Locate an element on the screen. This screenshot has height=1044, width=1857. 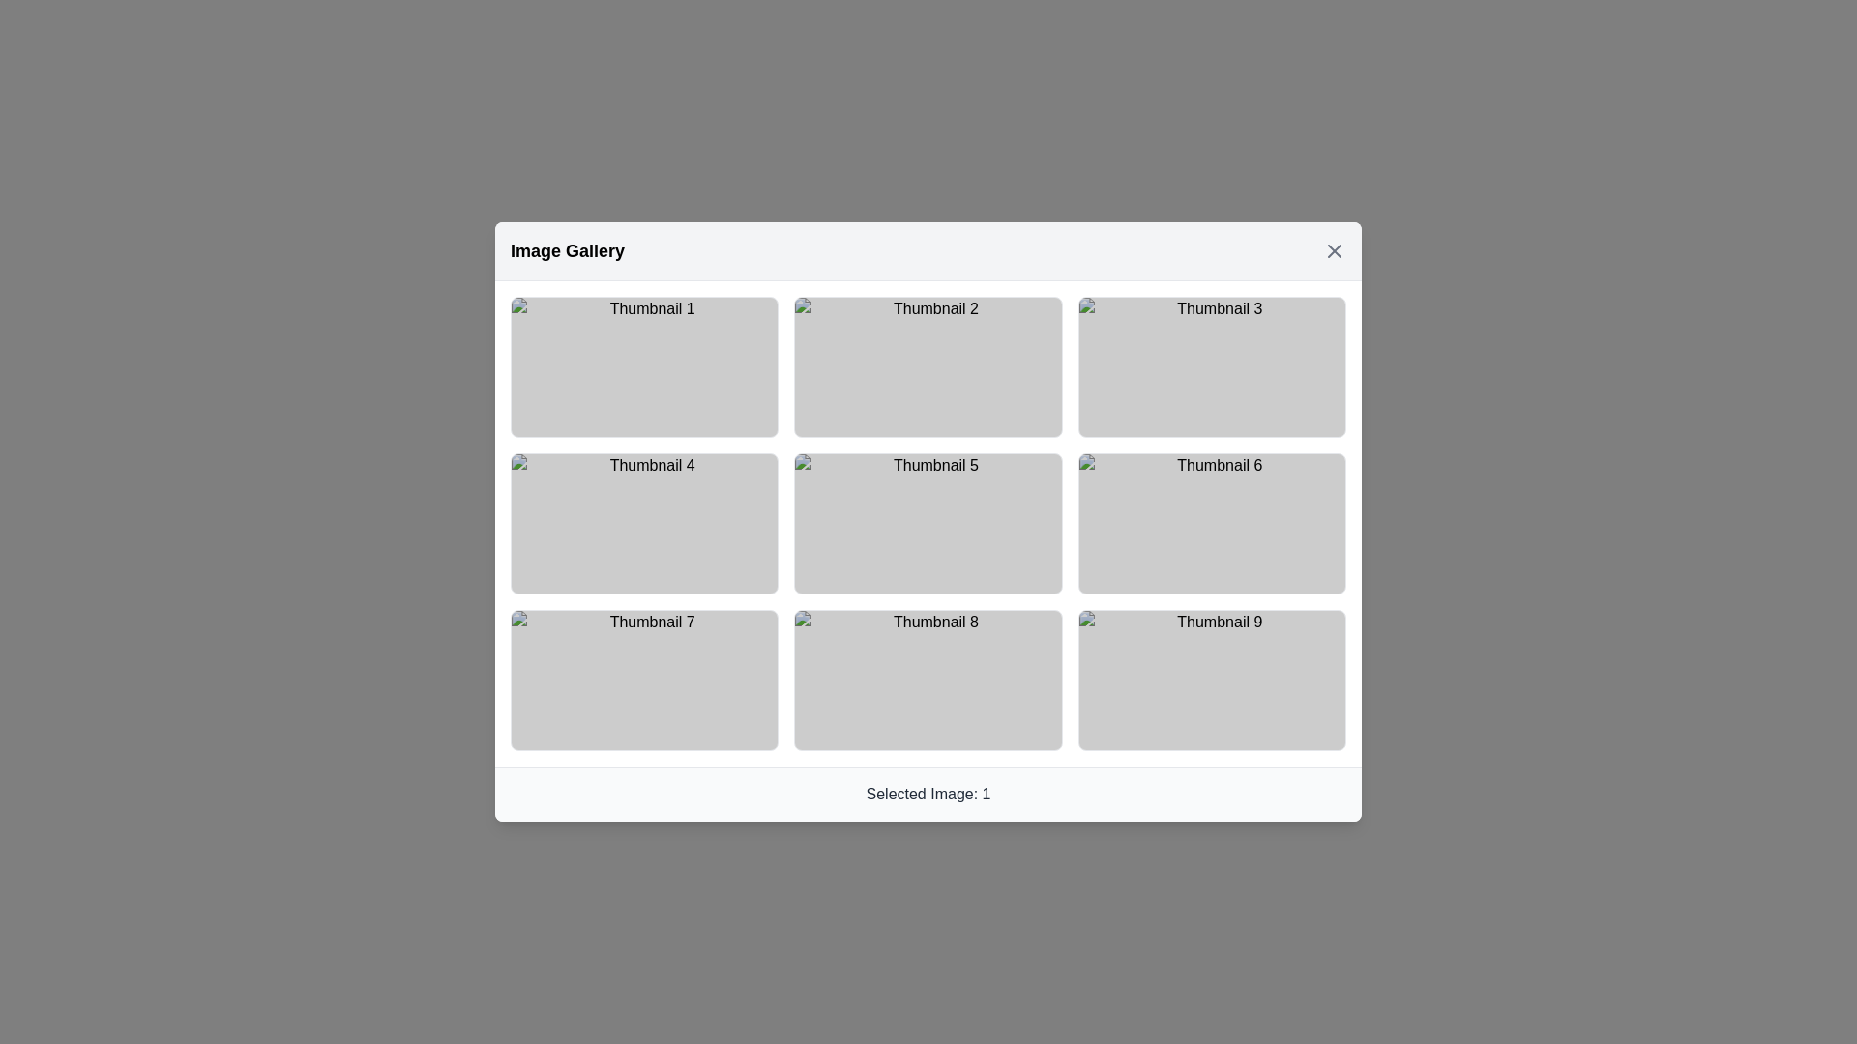
the state of the green circular checkmark icon located in the top-left corner thumbnail of the grid layout is located at coordinates (644, 367).